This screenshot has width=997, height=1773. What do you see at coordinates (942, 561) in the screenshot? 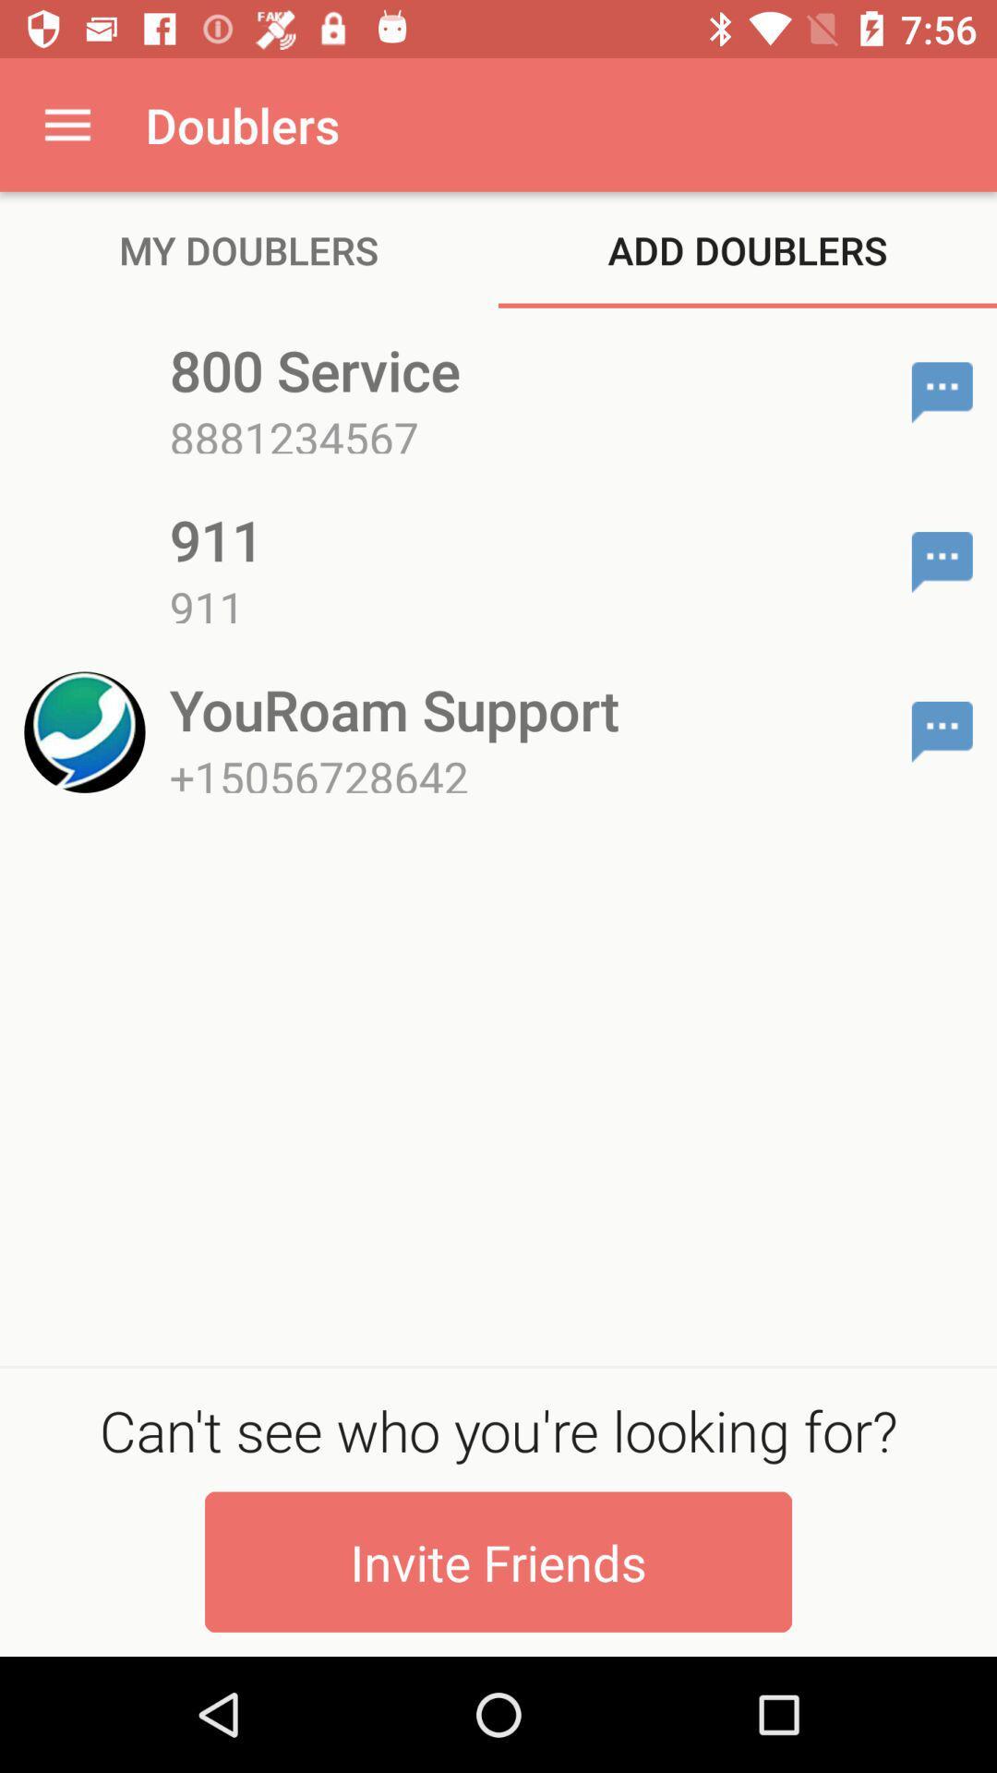
I see `chat with contact` at bounding box center [942, 561].